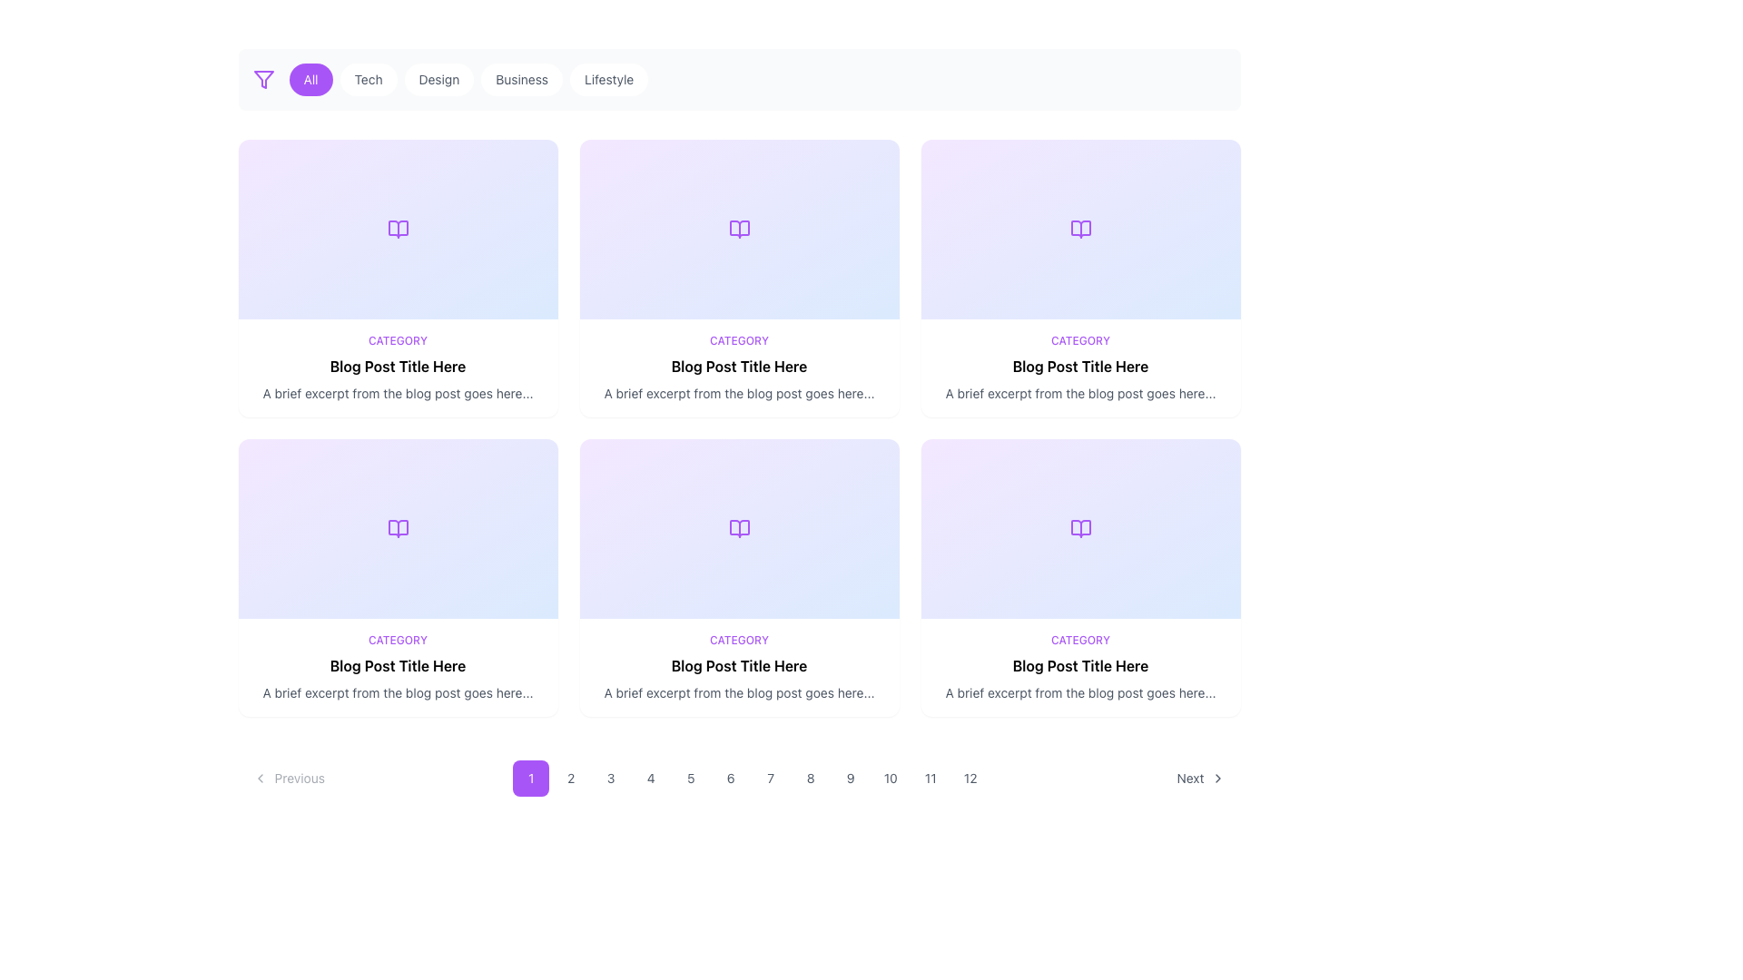 The height and width of the screenshot is (980, 1743). I want to click on the 'All' filter button, which is the first button in a horizontal list, located to the right of a filter icon, so click(310, 79).